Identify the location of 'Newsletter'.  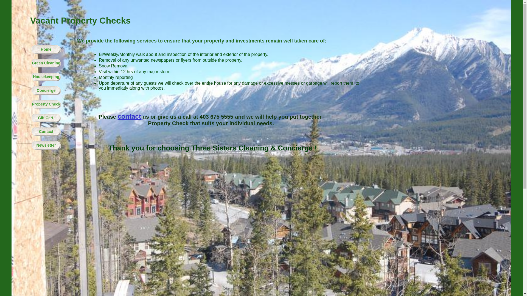
(46, 145).